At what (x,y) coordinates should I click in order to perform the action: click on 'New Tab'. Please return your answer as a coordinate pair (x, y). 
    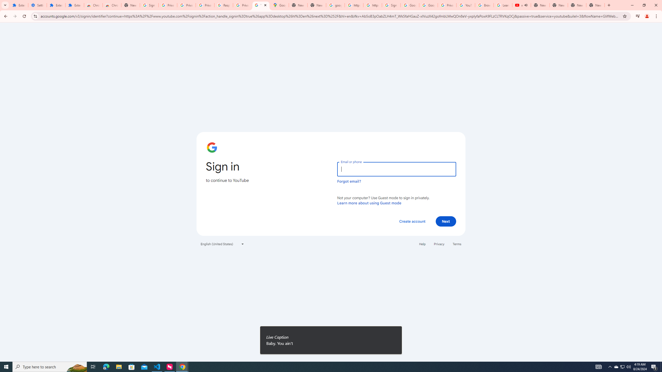
    Looking at the image, I should click on (595, 5).